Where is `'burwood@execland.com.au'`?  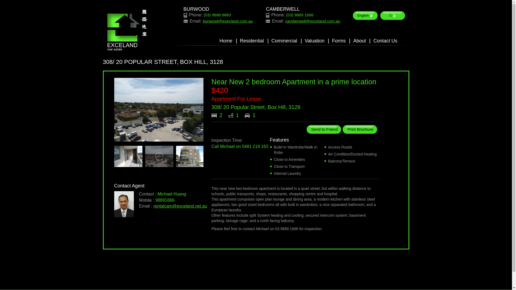 'burwood@execland.com.au' is located at coordinates (227, 21).